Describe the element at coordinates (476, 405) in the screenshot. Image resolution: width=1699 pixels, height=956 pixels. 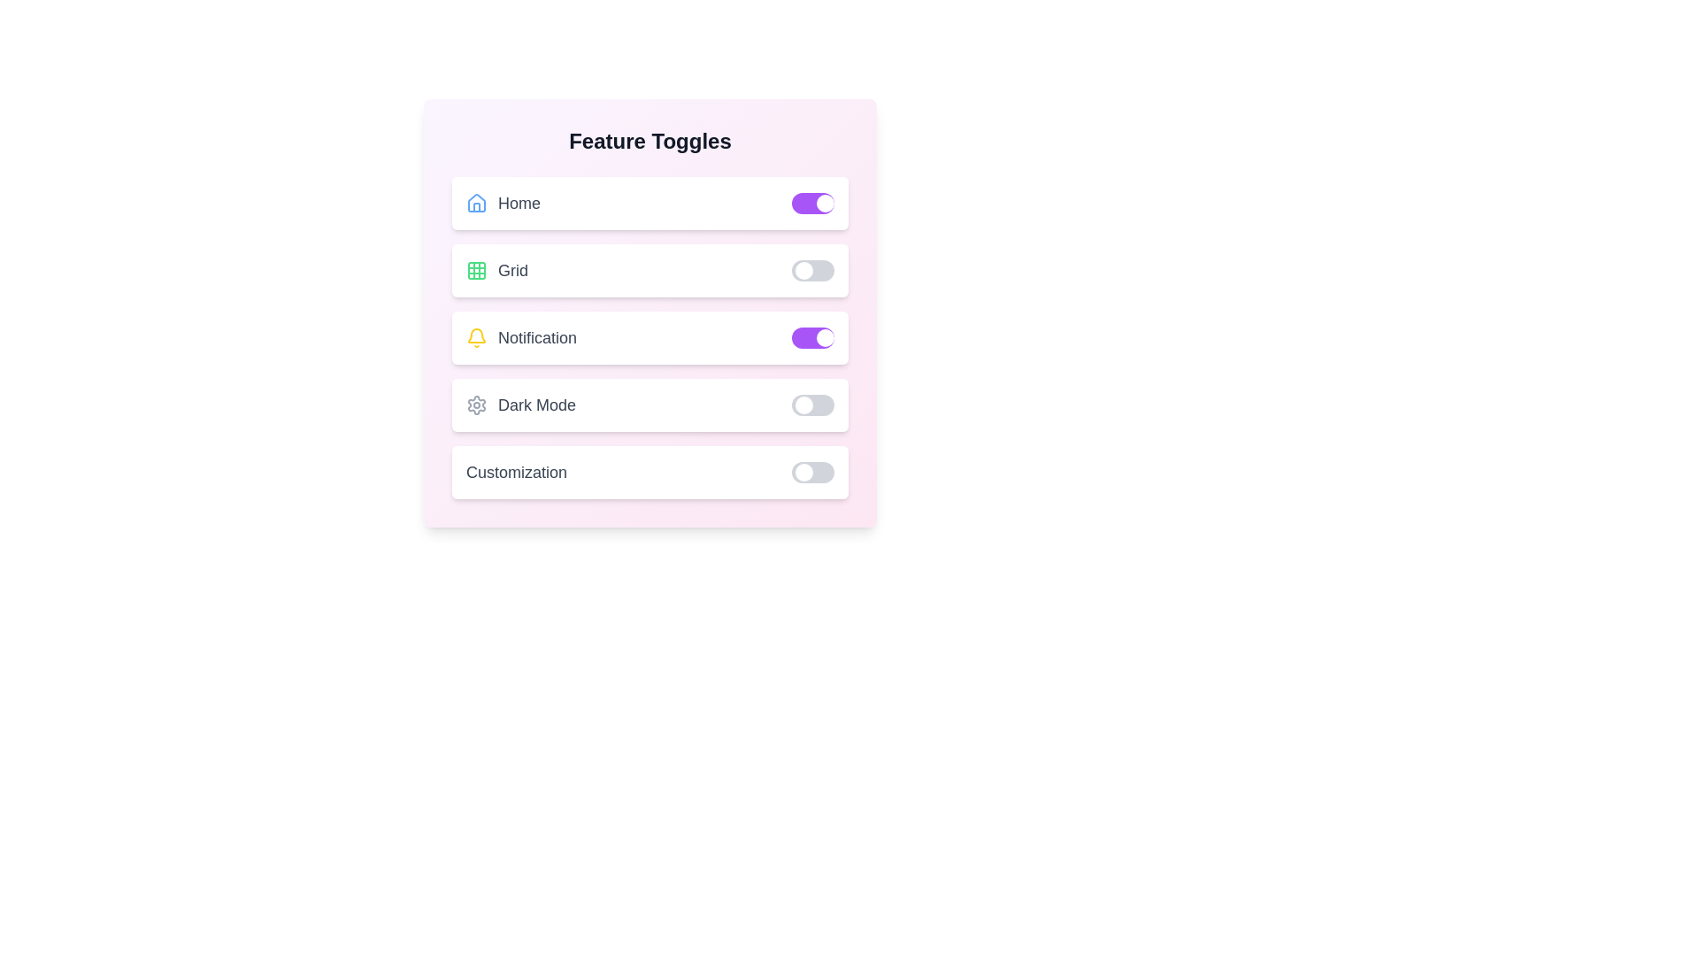
I see `the cogwheel icon associated with the 'Dark Mode' toggle option` at that location.